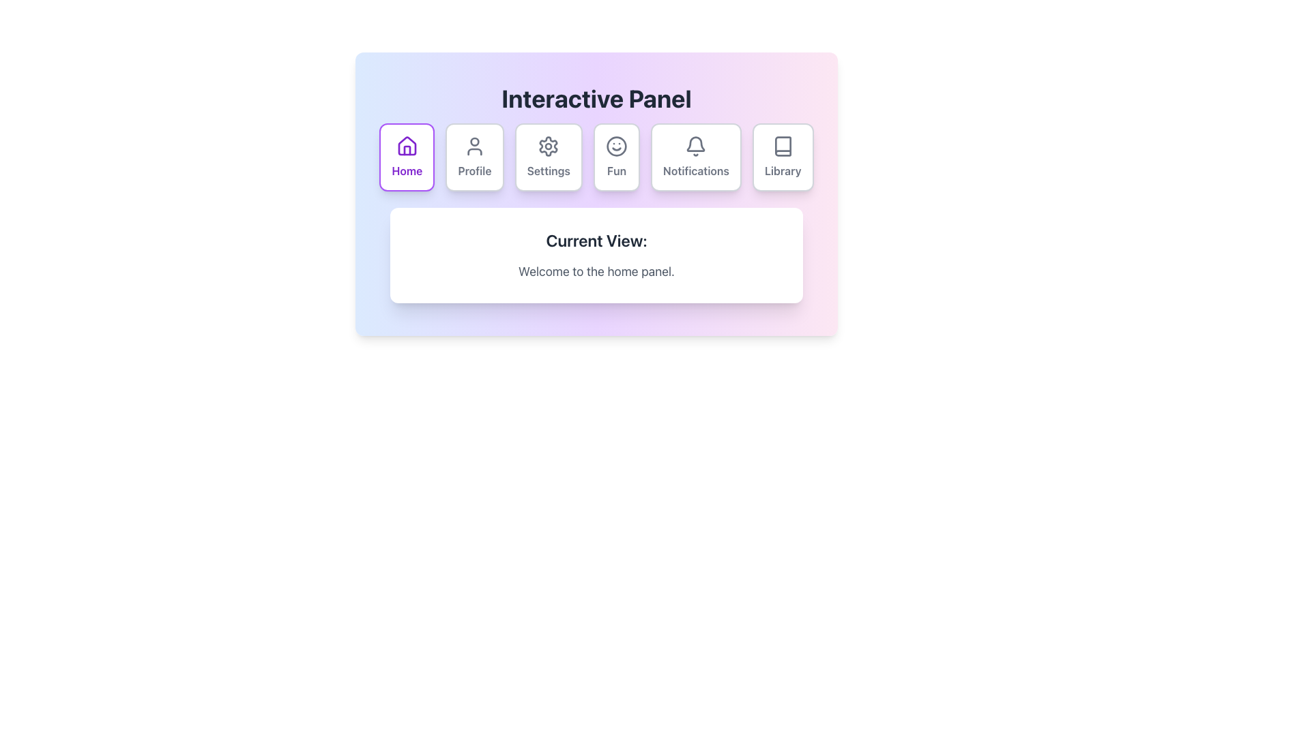 The width and height of the screenshot is (1310, 736). What do you see at coordinates (783, 170) in the screenshot?
I see `the 'Library' text label` at bounding box center [783, 170].